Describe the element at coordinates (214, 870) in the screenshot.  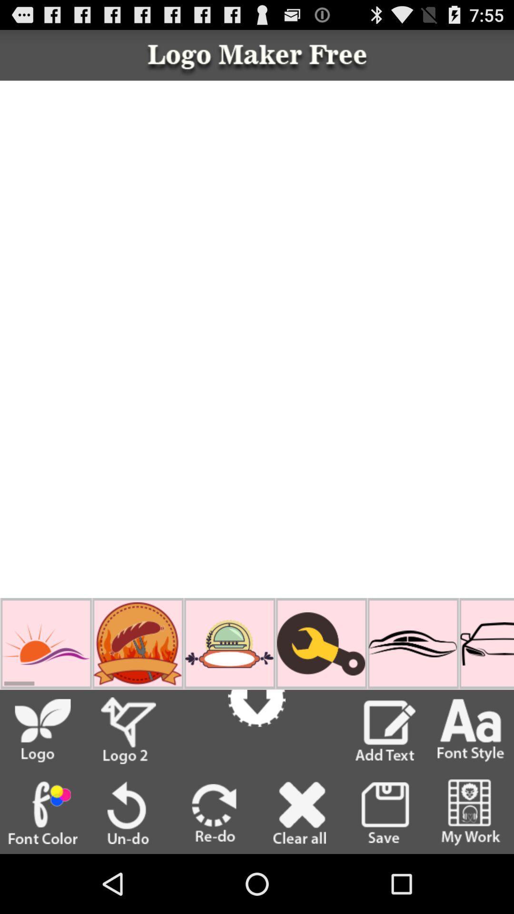
I see `the redo icon` at that location.